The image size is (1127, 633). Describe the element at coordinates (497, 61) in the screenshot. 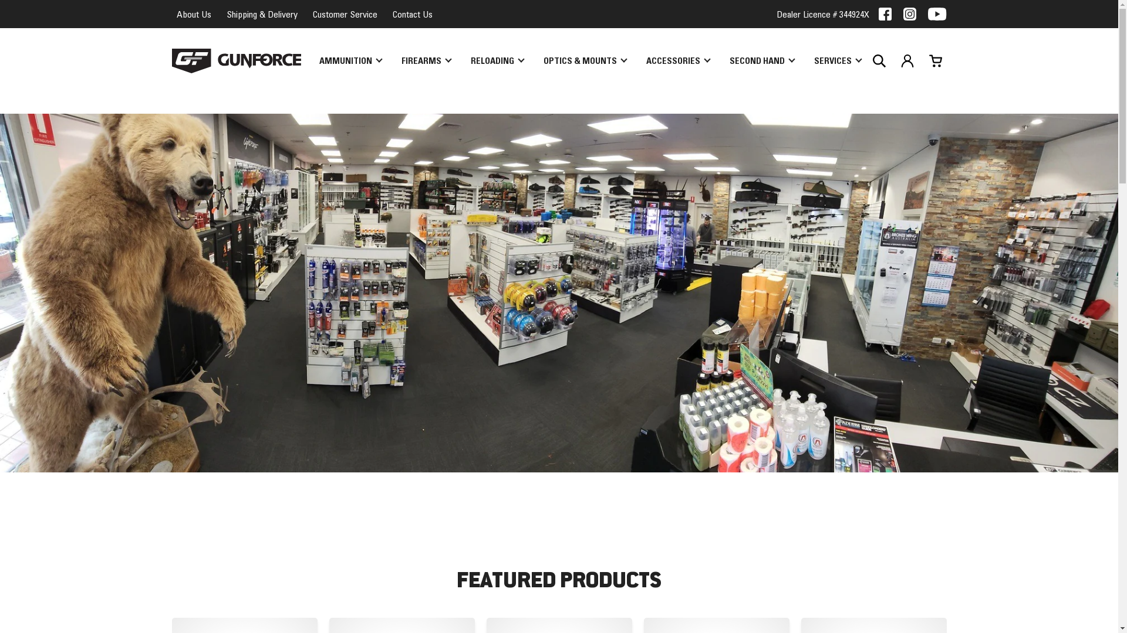

I see `'RELOADING'` at that location.